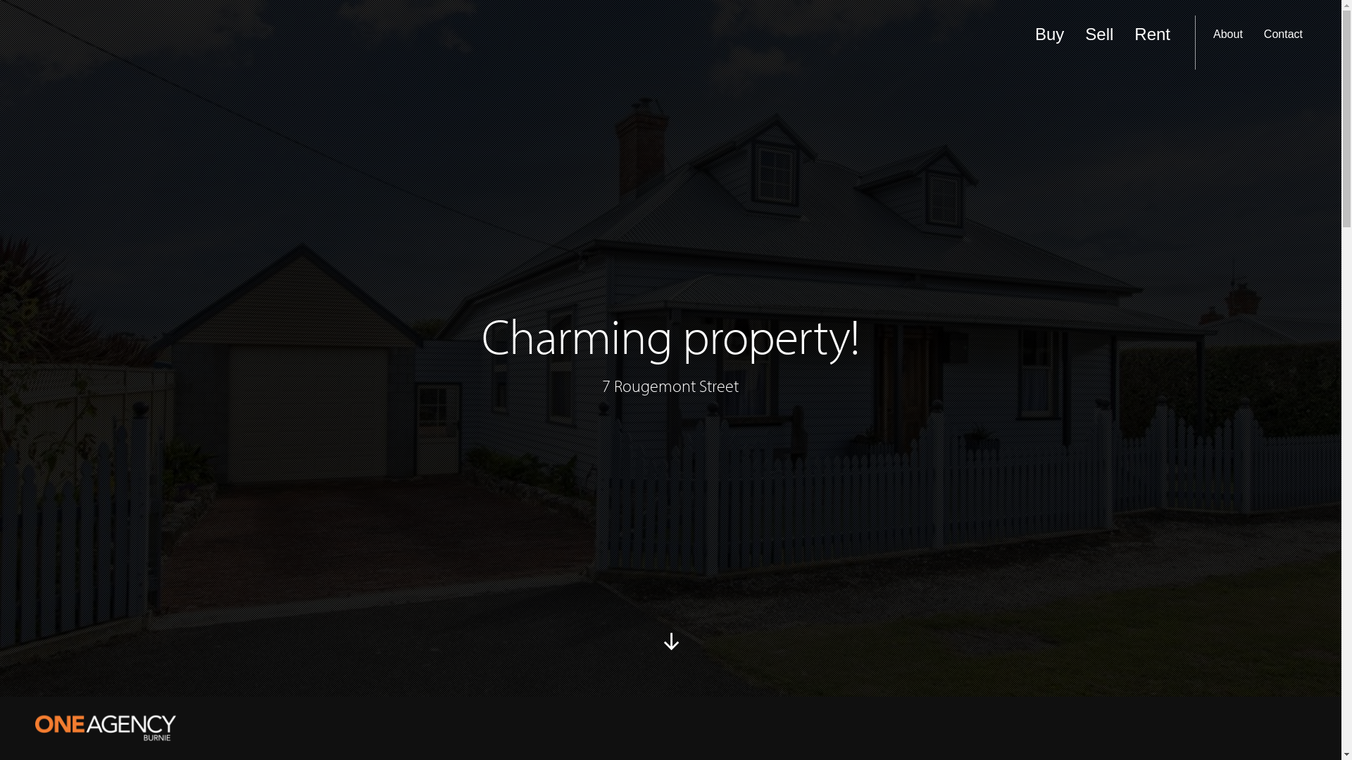 The width and height of the screenshot is (1352, 760). Describe the element at coordinates (1049, 42) in the screenshot. I see `'Buy'` at that location.